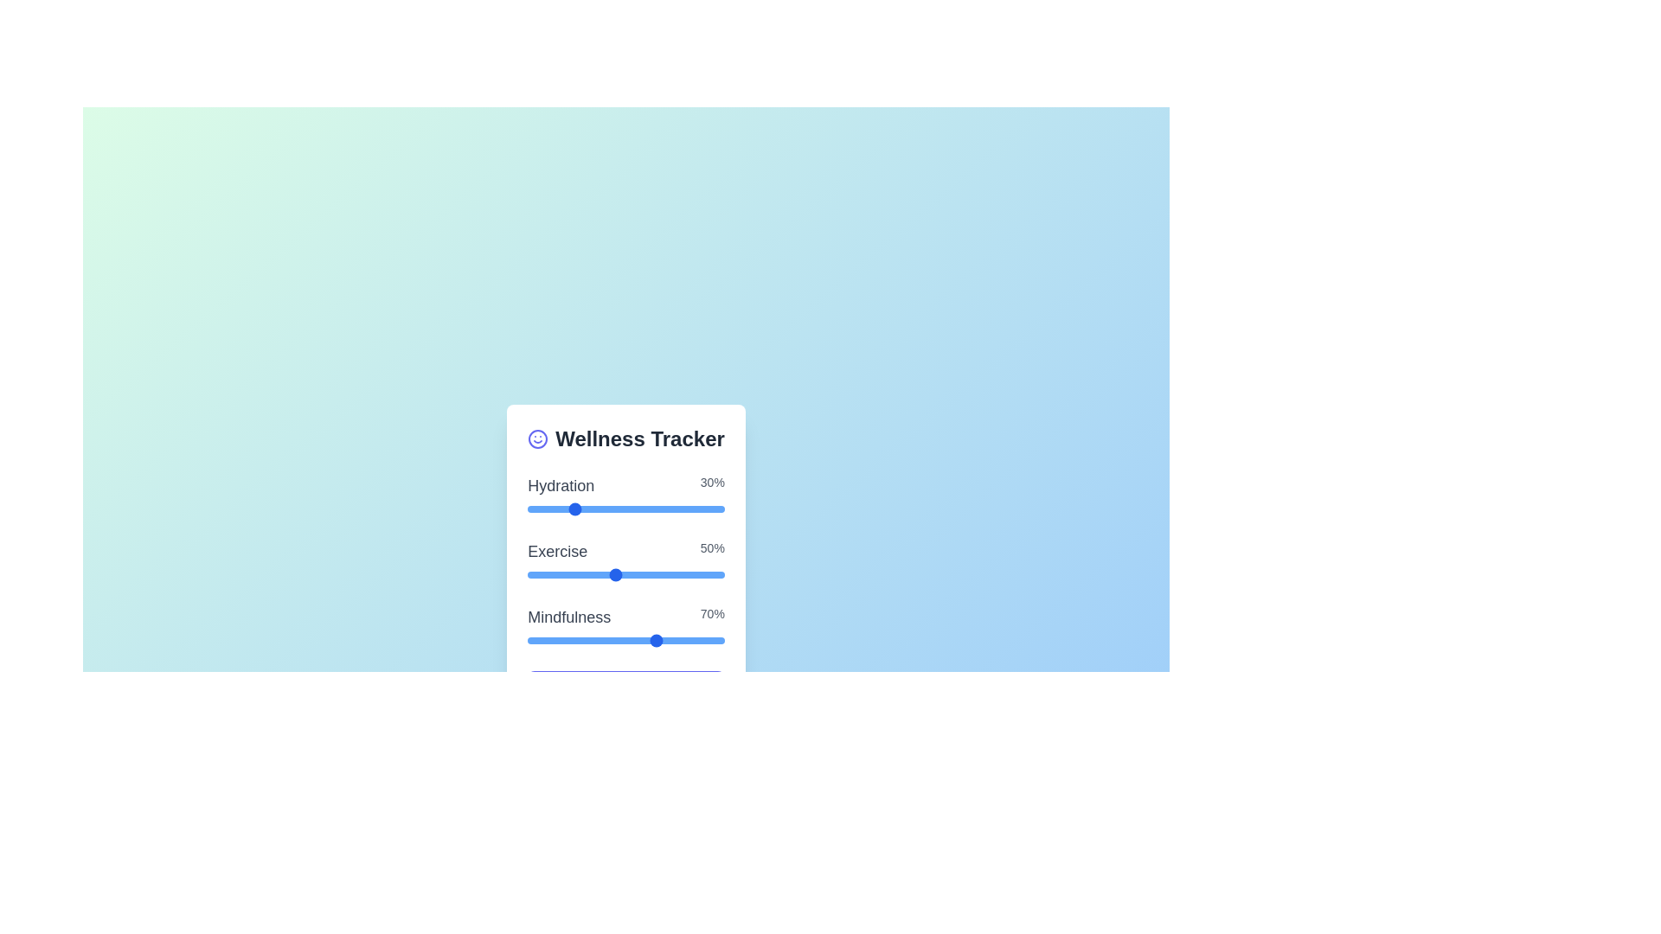  What do you see at coordinates (593, 574) in the screenshot?
I see `the 'Exercise' slider to set its value to 4` at bounding box center [593, 574].